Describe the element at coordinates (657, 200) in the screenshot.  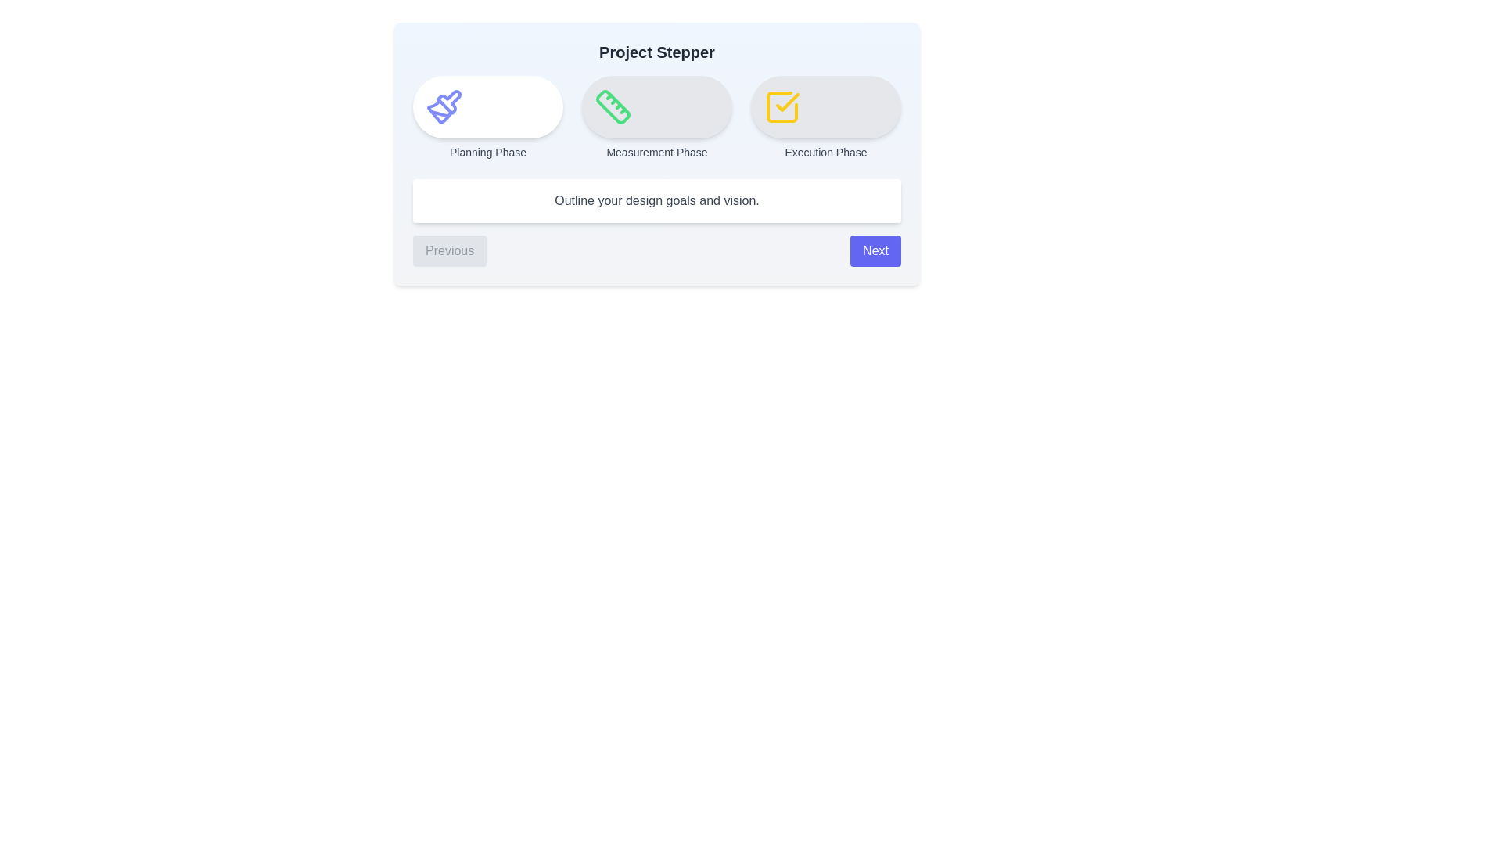
I see `the text content of the description box for the current step` at that location.